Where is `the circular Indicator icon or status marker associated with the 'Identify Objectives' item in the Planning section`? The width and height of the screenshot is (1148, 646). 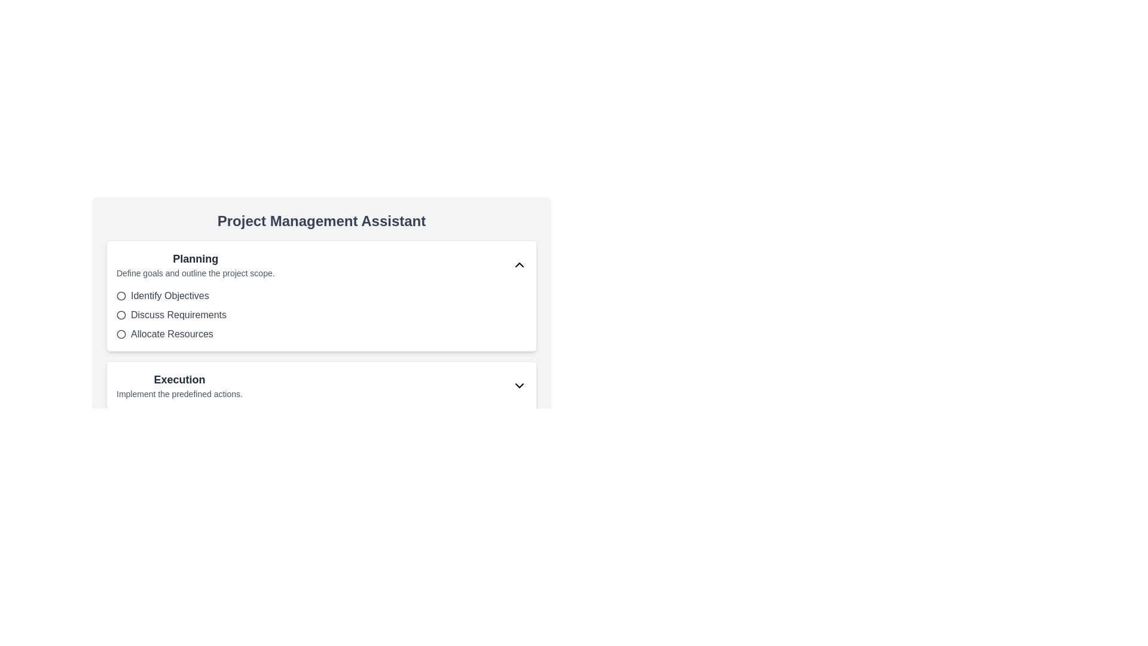
the circular Indicator icon or status marker associated with the 'Identify Objectives' item in the Planning section is located at coordinates (121, 295).